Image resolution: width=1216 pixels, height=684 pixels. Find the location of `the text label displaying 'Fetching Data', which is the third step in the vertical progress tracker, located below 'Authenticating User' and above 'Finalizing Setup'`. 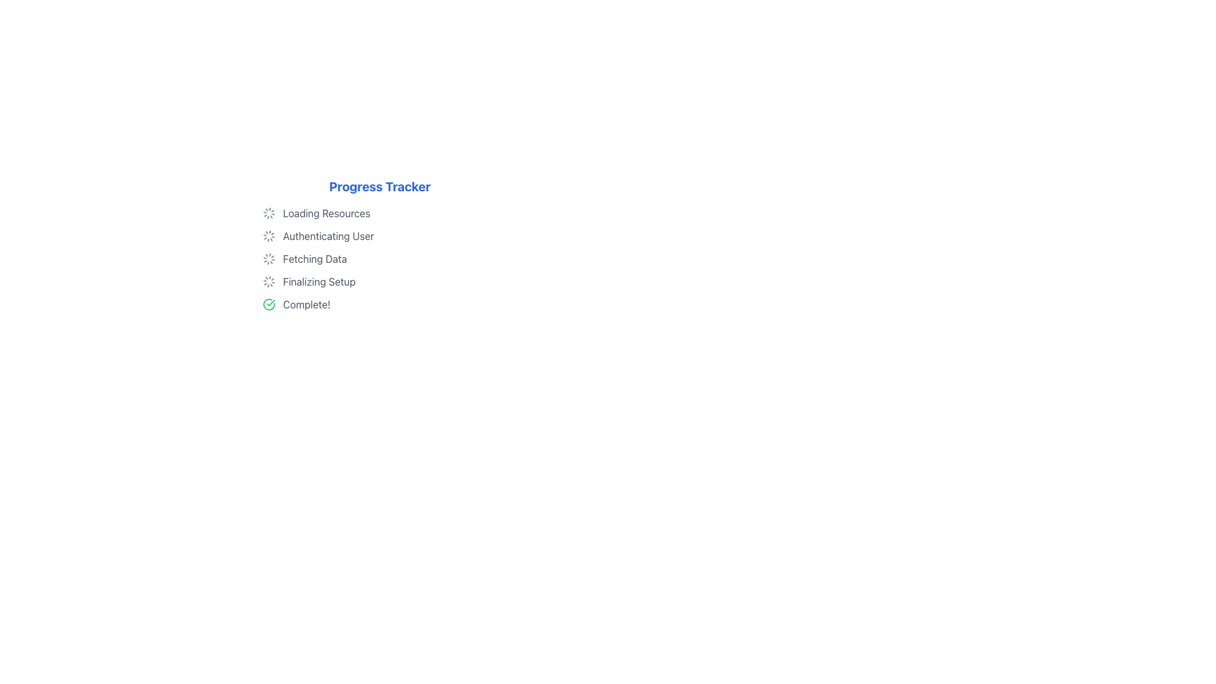

the text label displaying 'Fetching Data', which is the third step in the vertical progress tracker, located below 'Authenticating User' and above 'Finalizing Setup' is located at coordinates (315, 258).